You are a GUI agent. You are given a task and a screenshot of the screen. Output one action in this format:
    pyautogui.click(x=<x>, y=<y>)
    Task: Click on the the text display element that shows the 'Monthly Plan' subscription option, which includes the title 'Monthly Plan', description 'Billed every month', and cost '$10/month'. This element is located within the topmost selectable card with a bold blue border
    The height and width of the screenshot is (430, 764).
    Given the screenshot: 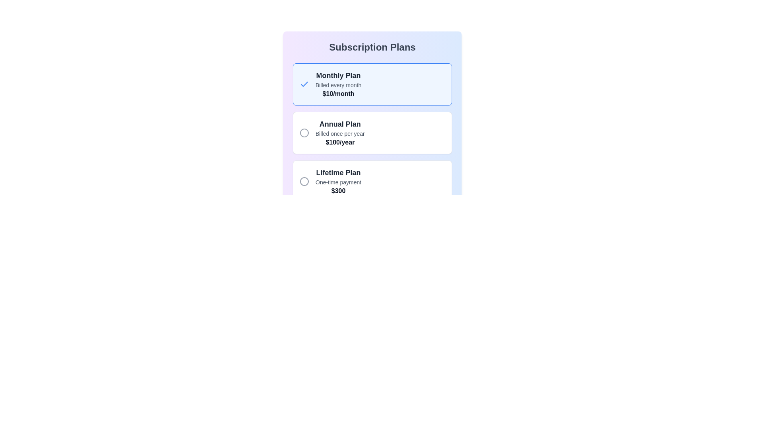 What is the action you would take?
    pyautogui.click(x=338, y=84)
    